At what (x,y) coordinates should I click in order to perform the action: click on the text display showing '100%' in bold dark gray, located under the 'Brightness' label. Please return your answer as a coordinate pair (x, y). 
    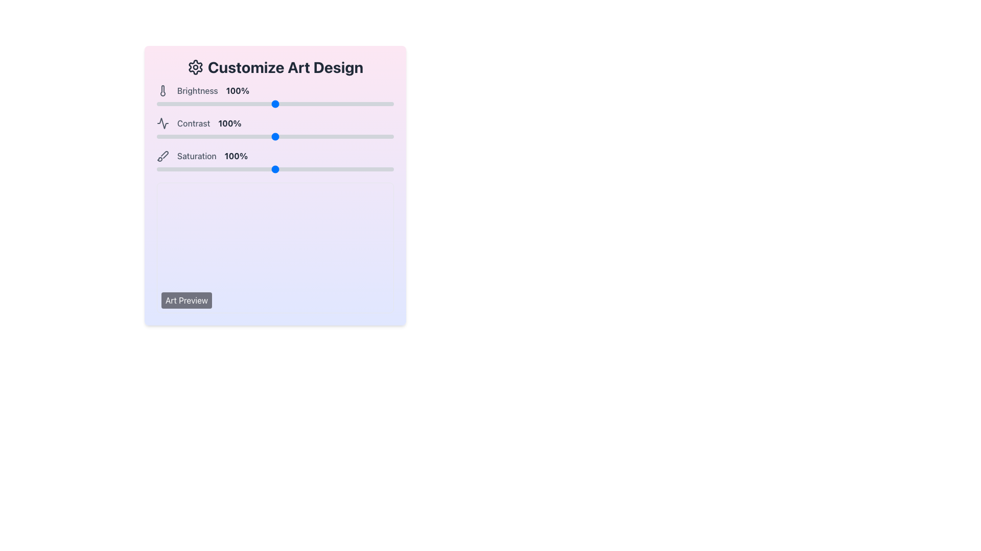
    Looking at the image, I should click on (237, 90).